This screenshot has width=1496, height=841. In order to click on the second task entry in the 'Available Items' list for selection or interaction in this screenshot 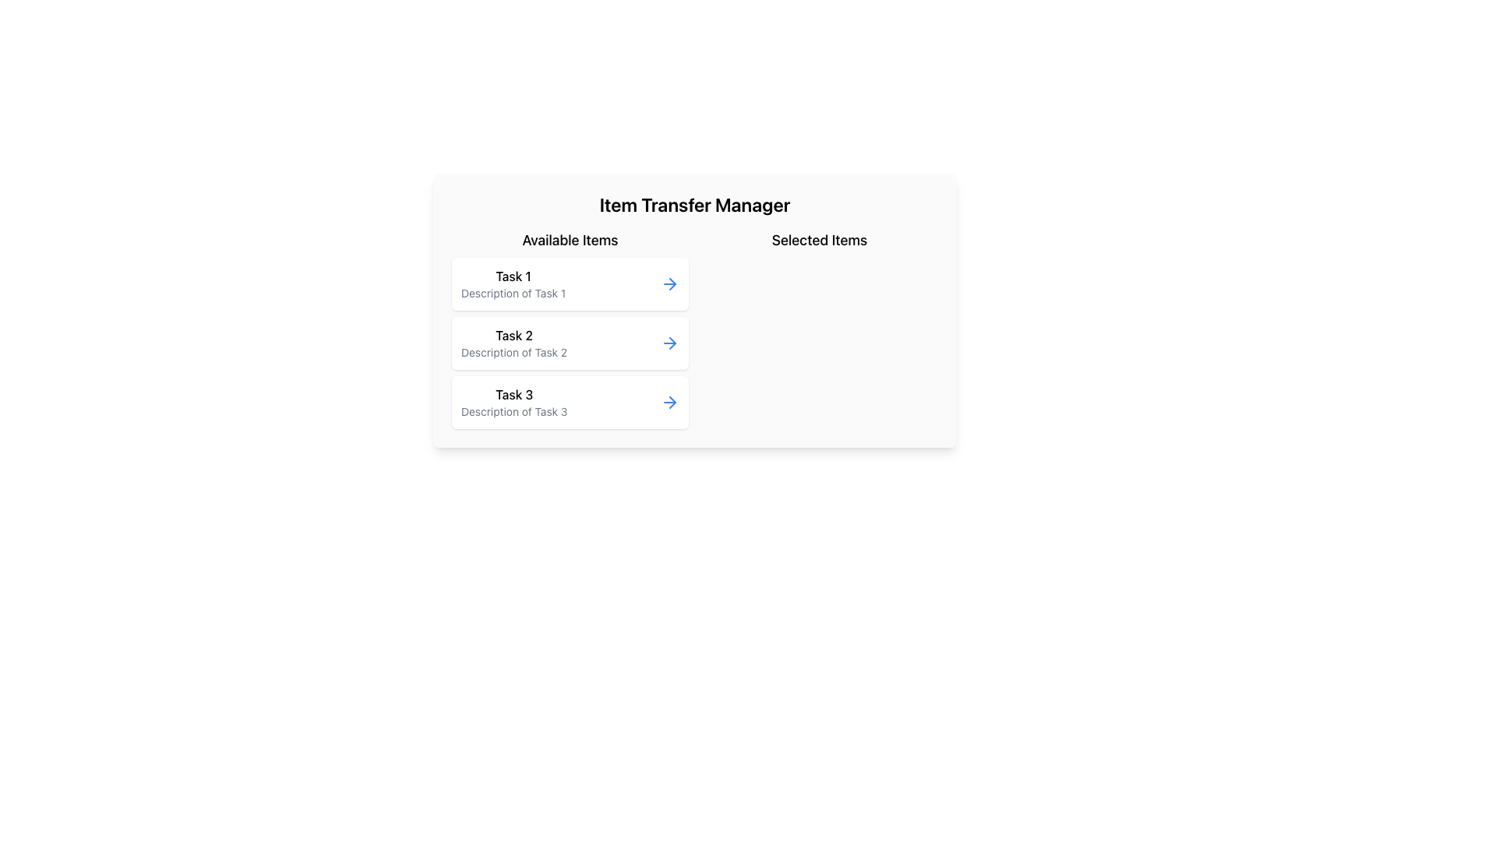, I will do `click(514, 342)`.